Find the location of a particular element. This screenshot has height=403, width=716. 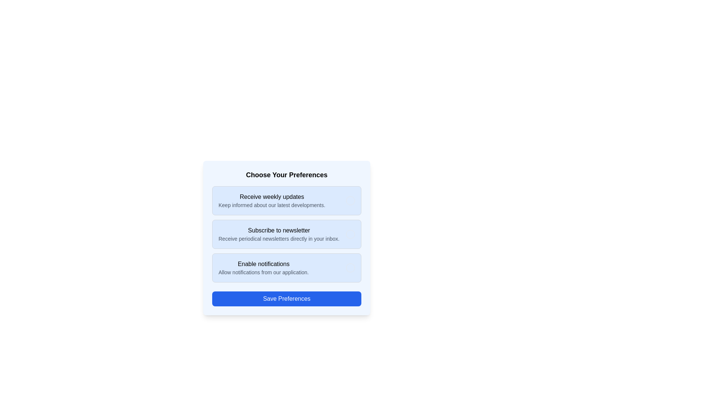

the 'Save Preferences' button to submit the selected options is located at coordinates (286, 299).